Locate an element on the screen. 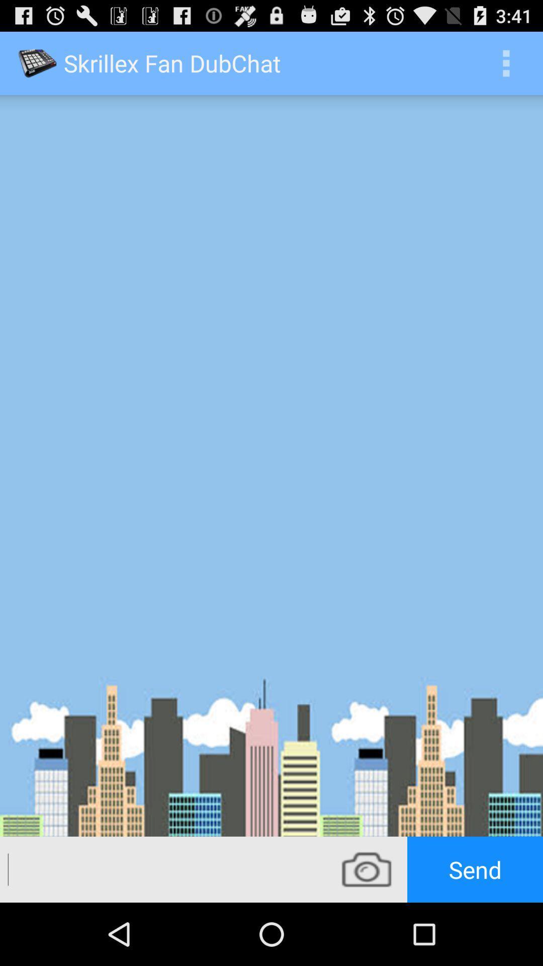  camera icon is located at coordinates (367, 869).